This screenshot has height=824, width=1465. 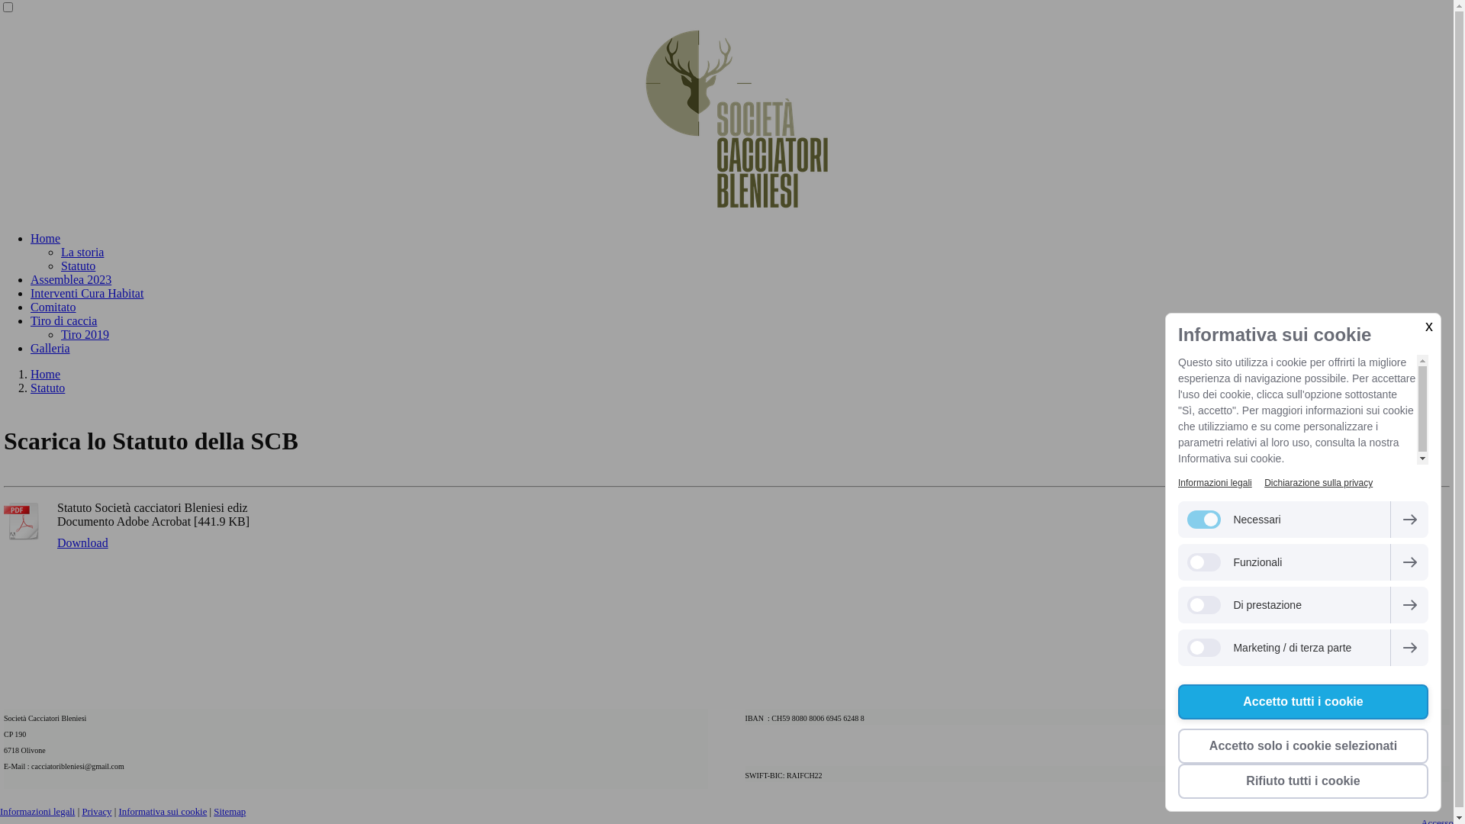 I want to click on 'Rifiuto tutti i cookie', so click(x=1302, y=781).